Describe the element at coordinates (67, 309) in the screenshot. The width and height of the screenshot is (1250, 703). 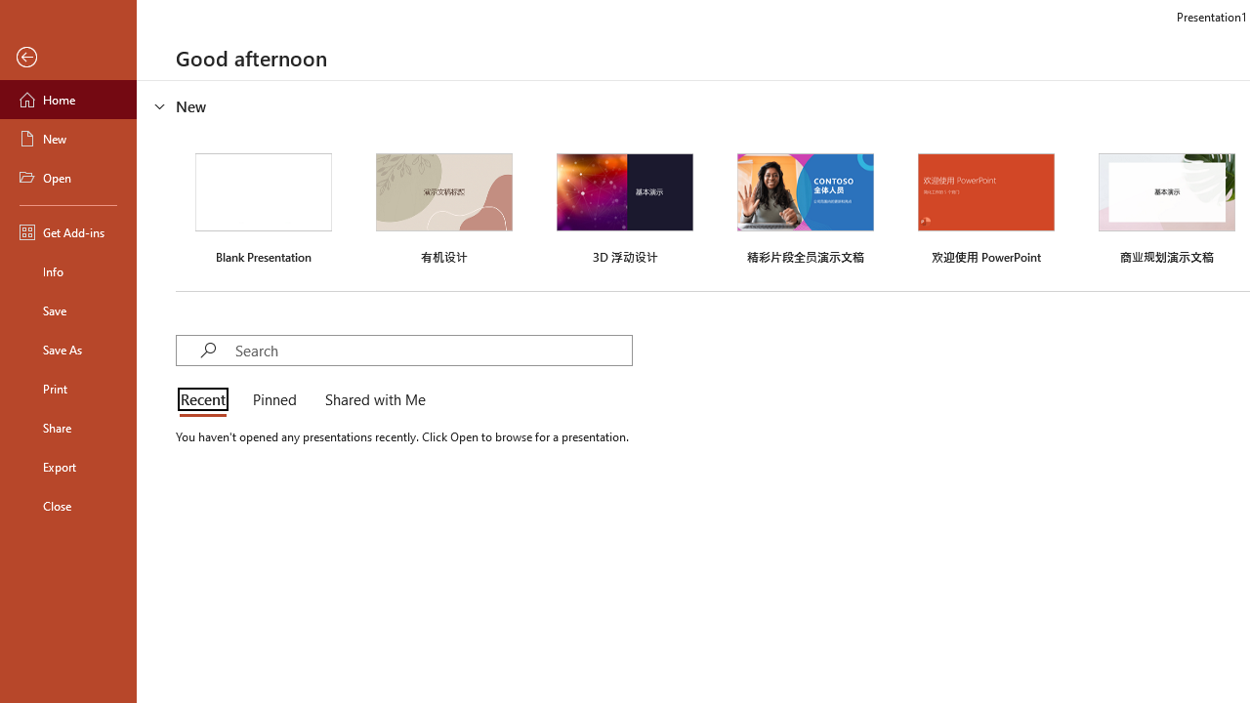
I see `'Save'` at that location.